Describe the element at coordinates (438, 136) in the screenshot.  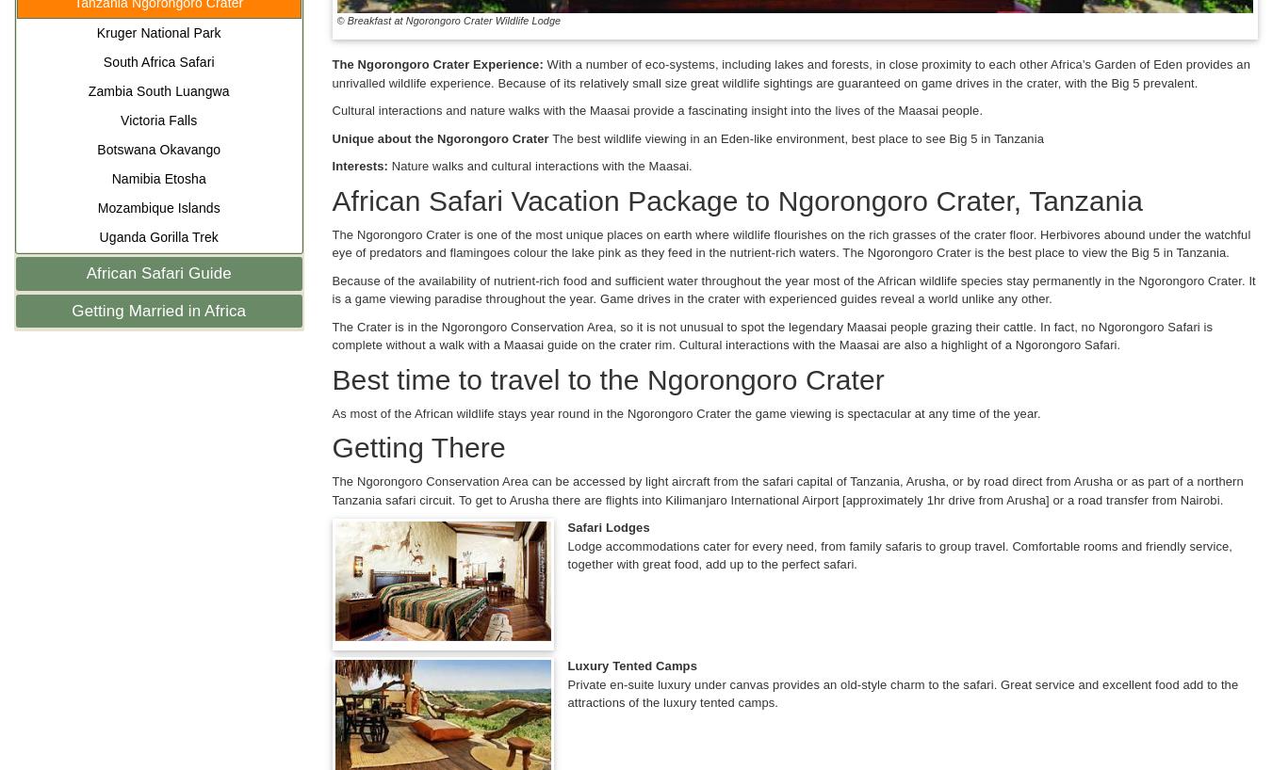
I see `'Unique about the Ngorongoro Crater'` at that location.